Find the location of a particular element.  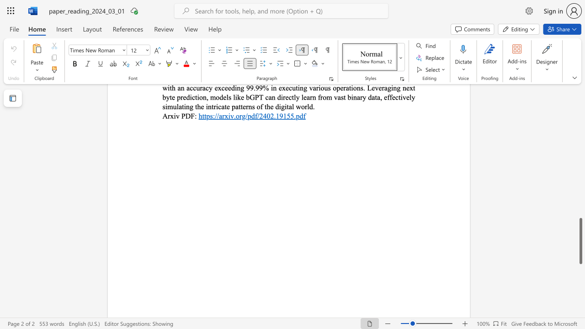

the scrollbar to adjust the page upward is located at coordinates (580, 159).